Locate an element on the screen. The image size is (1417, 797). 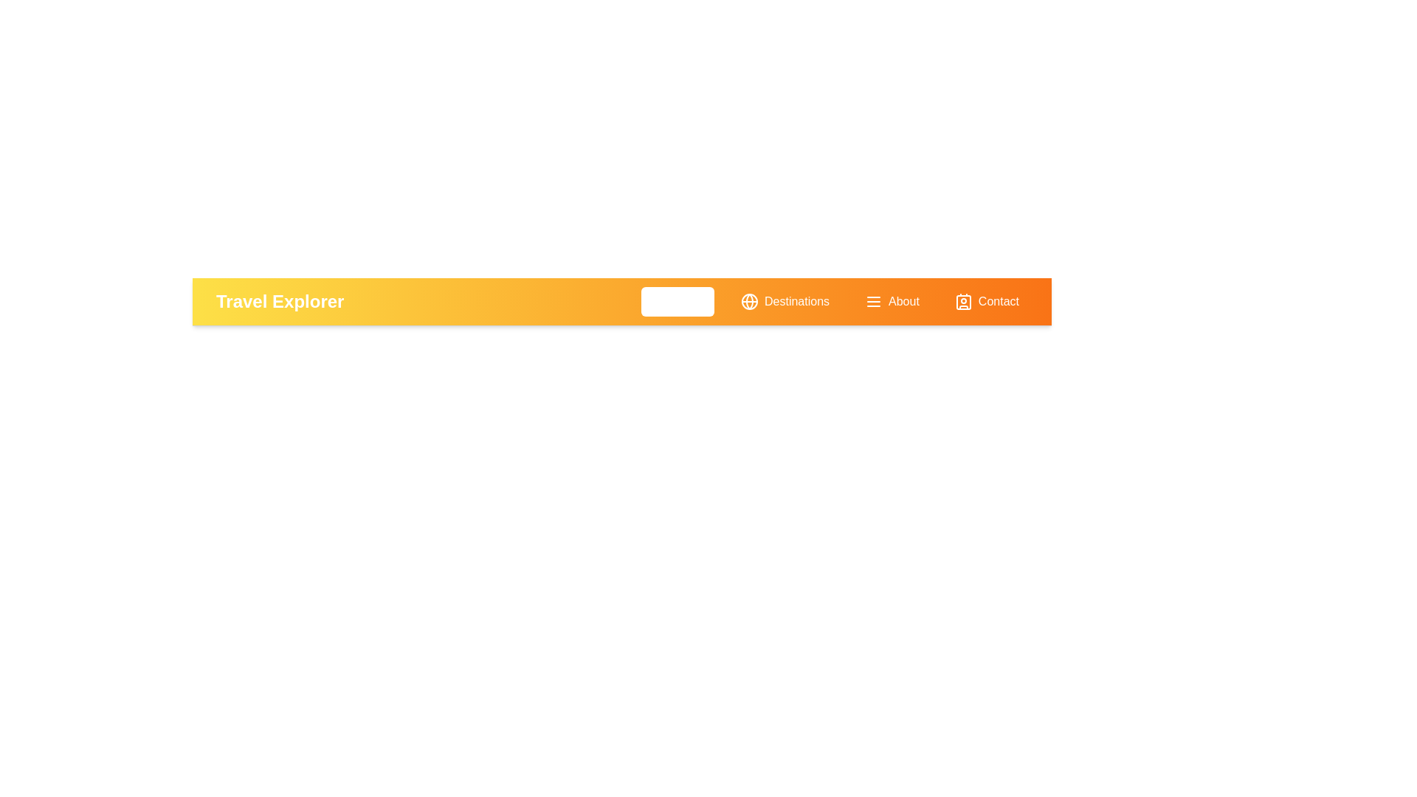
the Navigation Bar located at the center of the upper part of the webpage is located at coordinates (622, 301).